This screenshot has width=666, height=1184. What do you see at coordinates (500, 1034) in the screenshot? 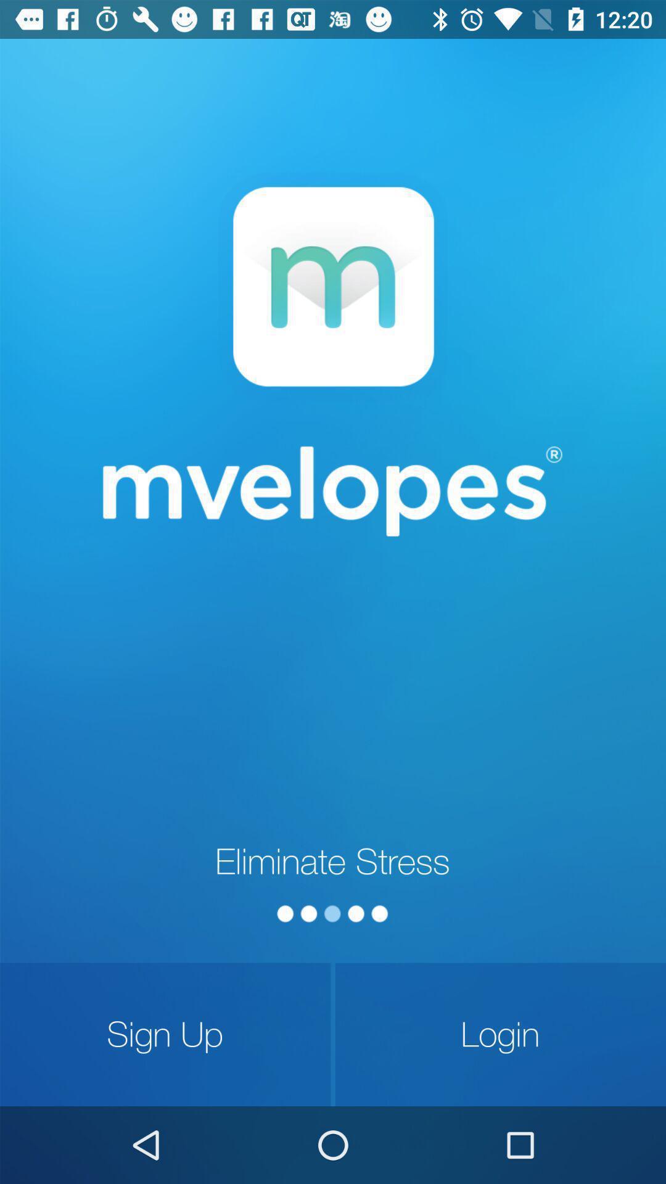
I see `the icon at the bottom right corner` at bounding box center [500, 1034].